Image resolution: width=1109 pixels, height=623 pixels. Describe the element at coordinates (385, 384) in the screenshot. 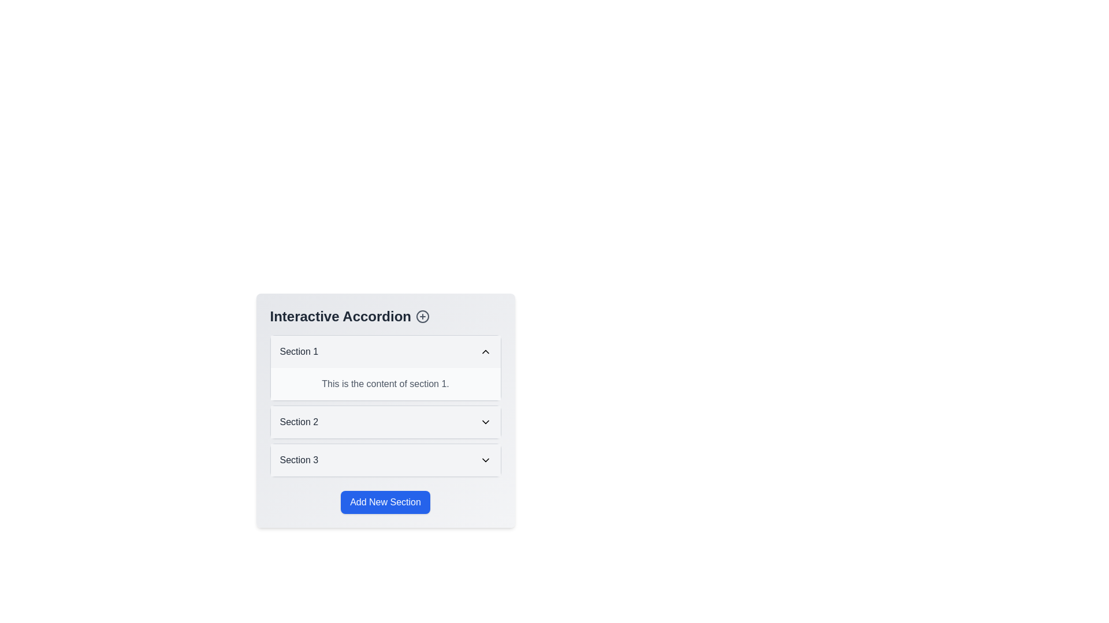

I see `the text label displaying 'This is the content of section 1.' within the expanded area of Section 1 in the accordion interface` at that location.